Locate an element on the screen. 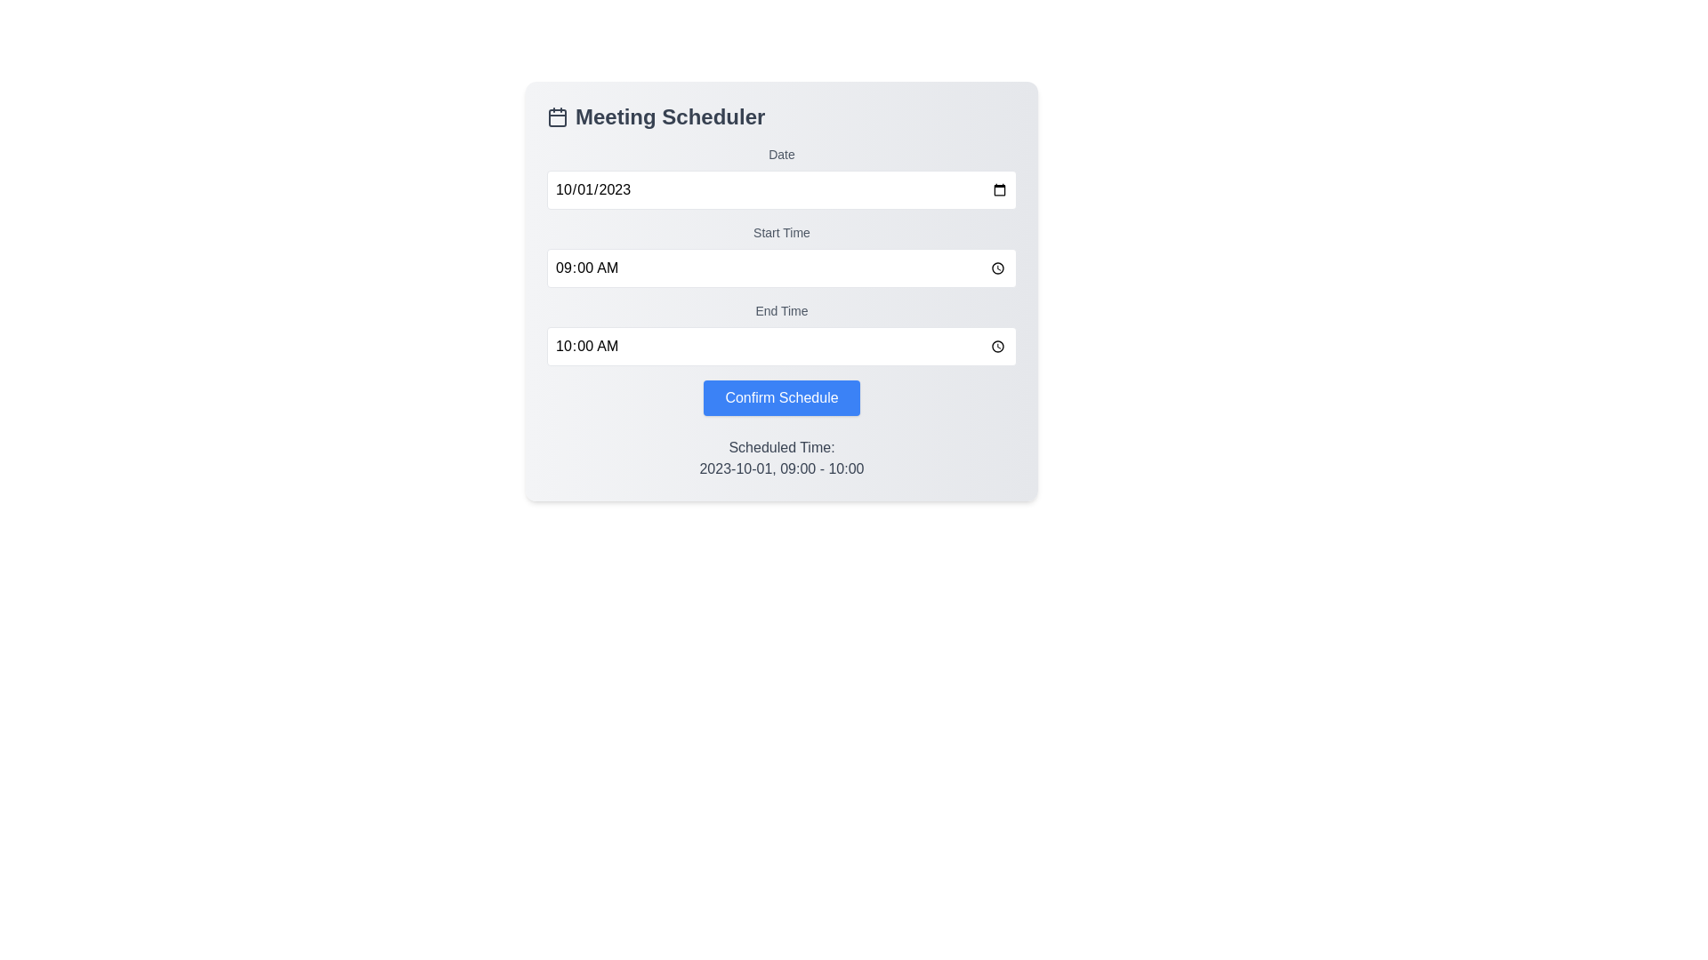 The image size is (1708, 960). the confirmation button located centrally below the 'End Time' input field to observe the hover effect is located at coordinates (781, 396).